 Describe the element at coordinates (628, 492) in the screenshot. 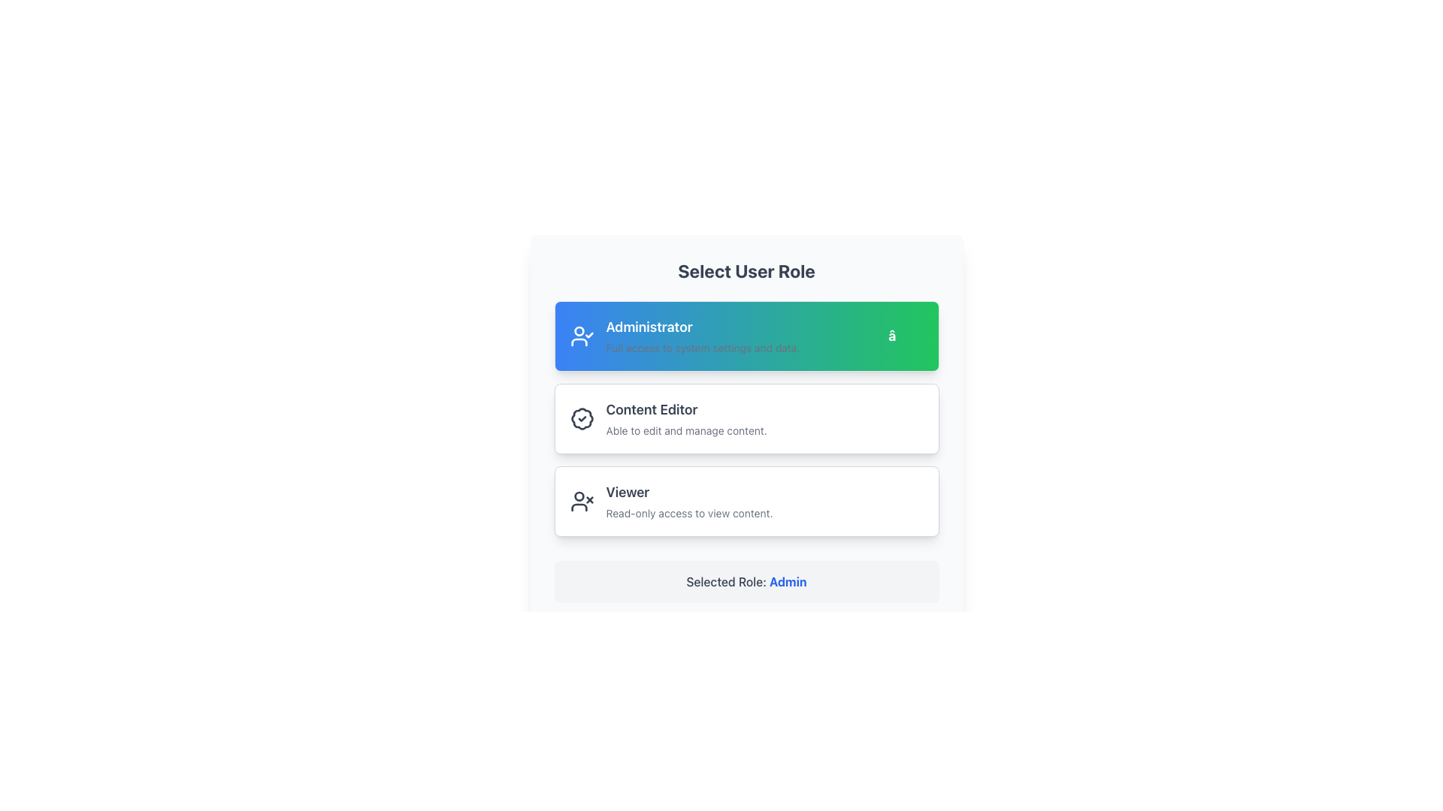

I see `the 'Viewer' role label in the user role selection interface, which is positioned at the top of a descriptive block containing additional information about the 'Viewer' role` at that location.